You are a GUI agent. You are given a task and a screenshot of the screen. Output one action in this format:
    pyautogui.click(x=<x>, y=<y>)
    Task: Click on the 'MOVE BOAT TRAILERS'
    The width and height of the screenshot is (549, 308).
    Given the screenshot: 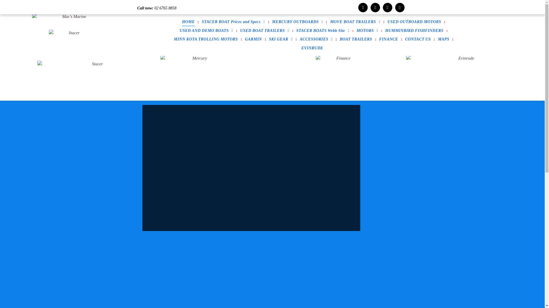 What is the action you would take?
    pyautogui.click(x=355, y=22)
    